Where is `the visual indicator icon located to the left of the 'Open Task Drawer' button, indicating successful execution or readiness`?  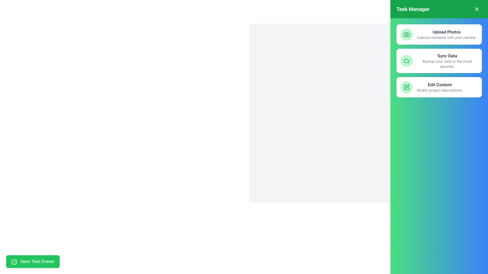 the visual indicator icon located to the left of the 'Open Task Drawer' button, indicating successful execution or readiness is located at coordinates (14, 262).